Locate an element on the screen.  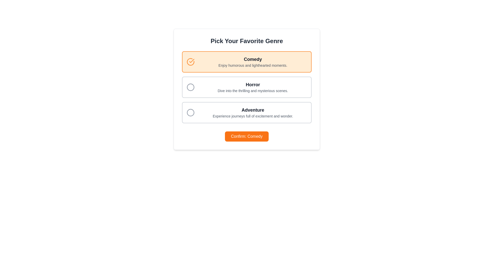
the 'Horror' genre title label located in the second option card from the top, just above the subtext 'Dive into the thrilling and mysterious scenes.' is located at coordinates (253, 84).